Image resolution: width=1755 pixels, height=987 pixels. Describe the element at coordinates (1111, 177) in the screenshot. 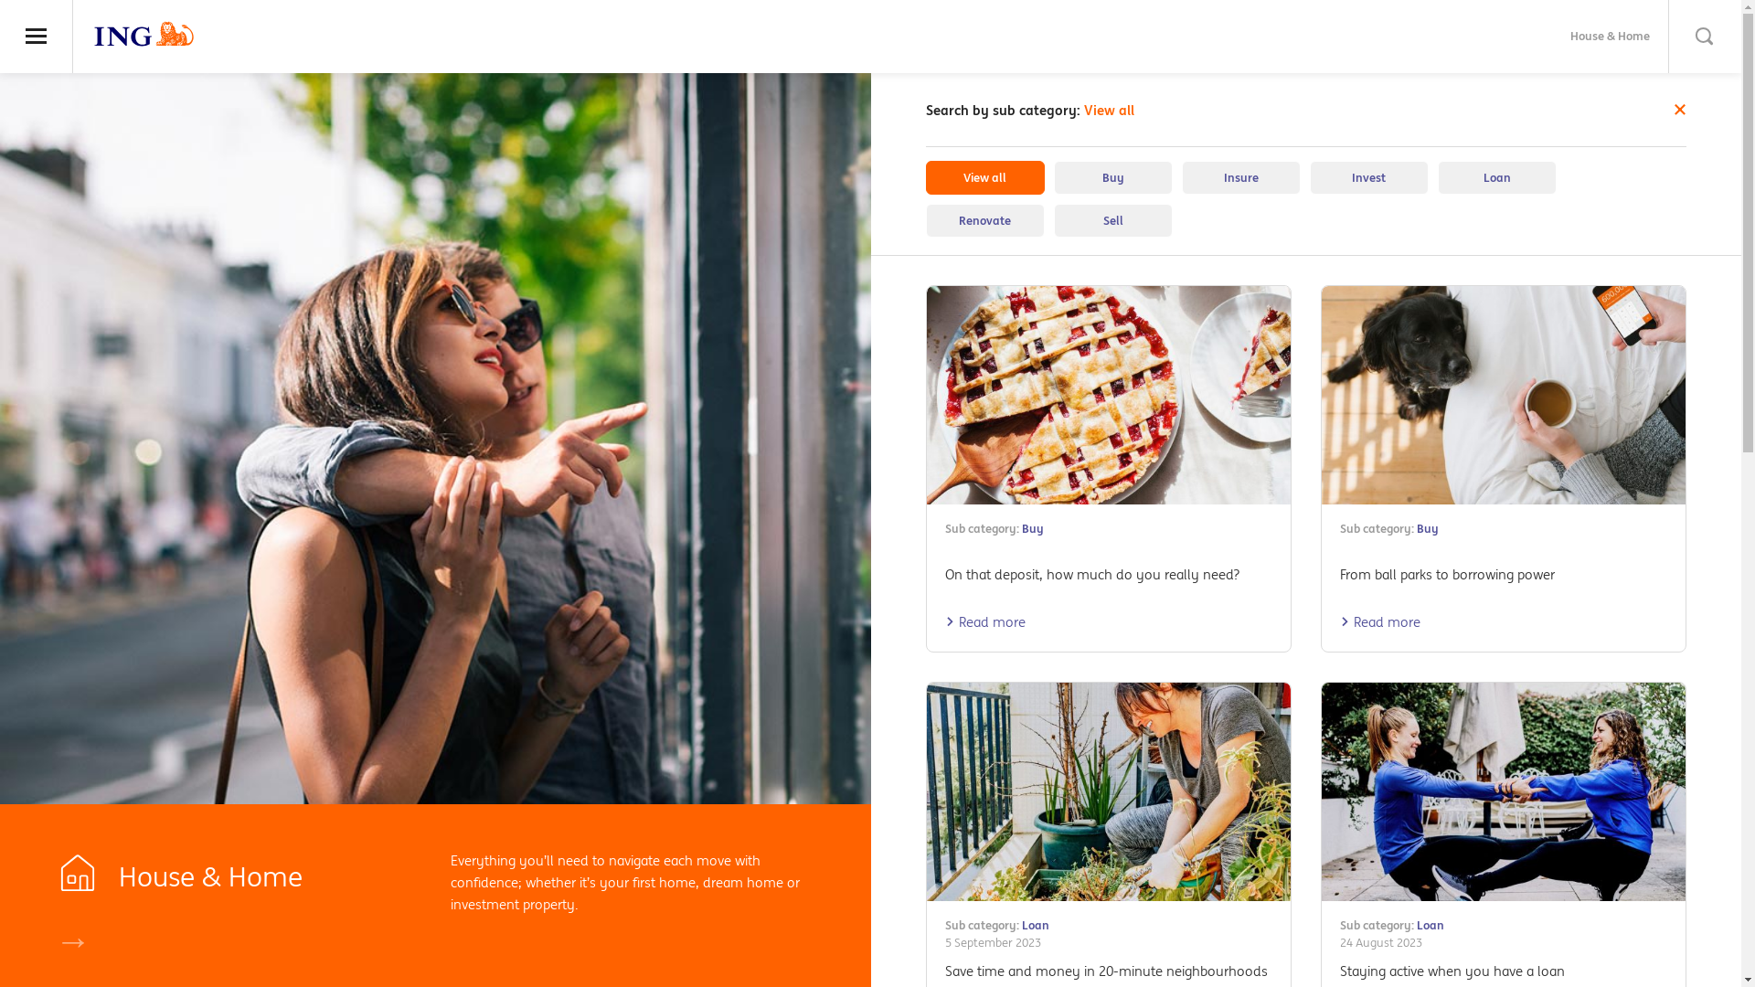

I see `'Buy'` at that location.